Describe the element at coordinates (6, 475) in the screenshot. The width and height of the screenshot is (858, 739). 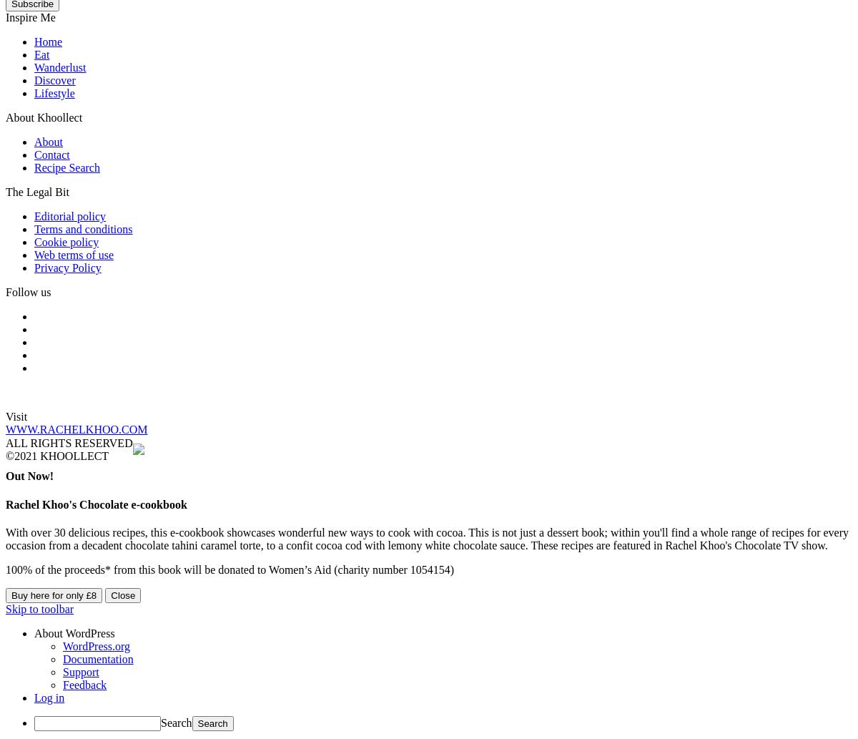
I see `'Out Now!'` at that location.